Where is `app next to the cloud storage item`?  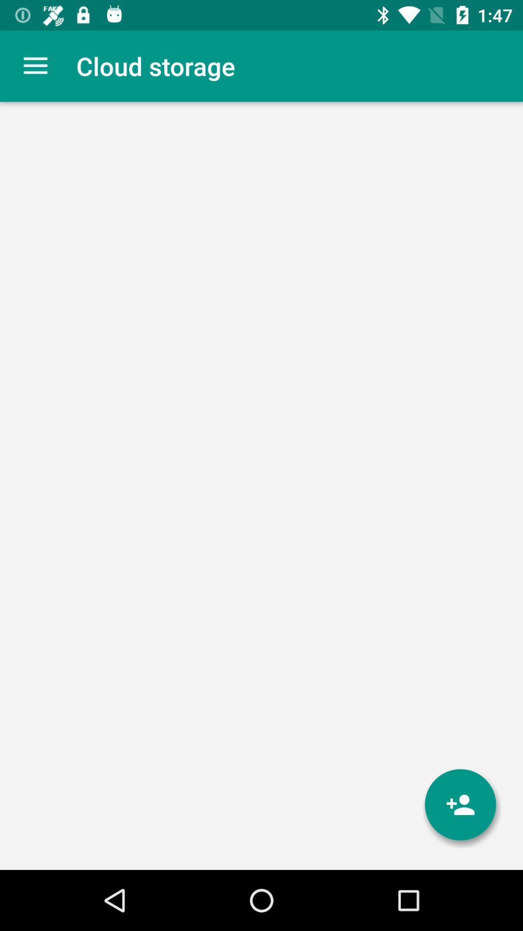 app next to the cloud storage item is located at coordinates (35, 65).